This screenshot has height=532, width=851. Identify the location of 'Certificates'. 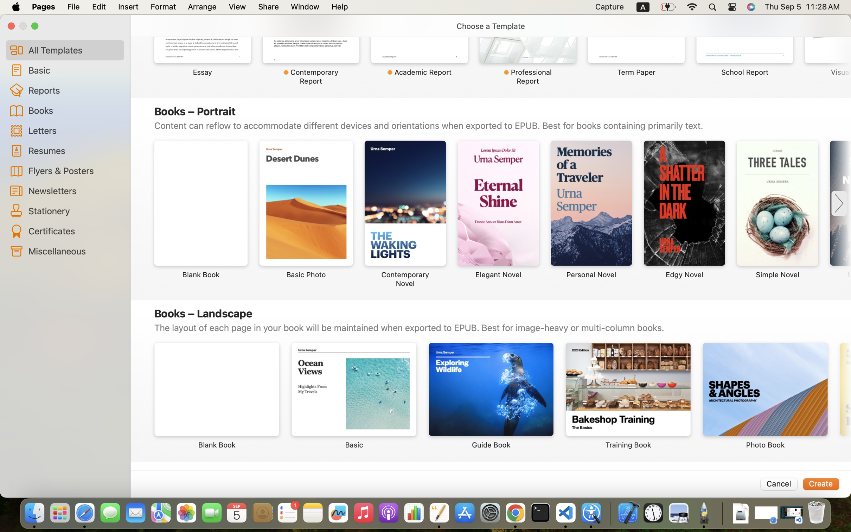
(73, 231).